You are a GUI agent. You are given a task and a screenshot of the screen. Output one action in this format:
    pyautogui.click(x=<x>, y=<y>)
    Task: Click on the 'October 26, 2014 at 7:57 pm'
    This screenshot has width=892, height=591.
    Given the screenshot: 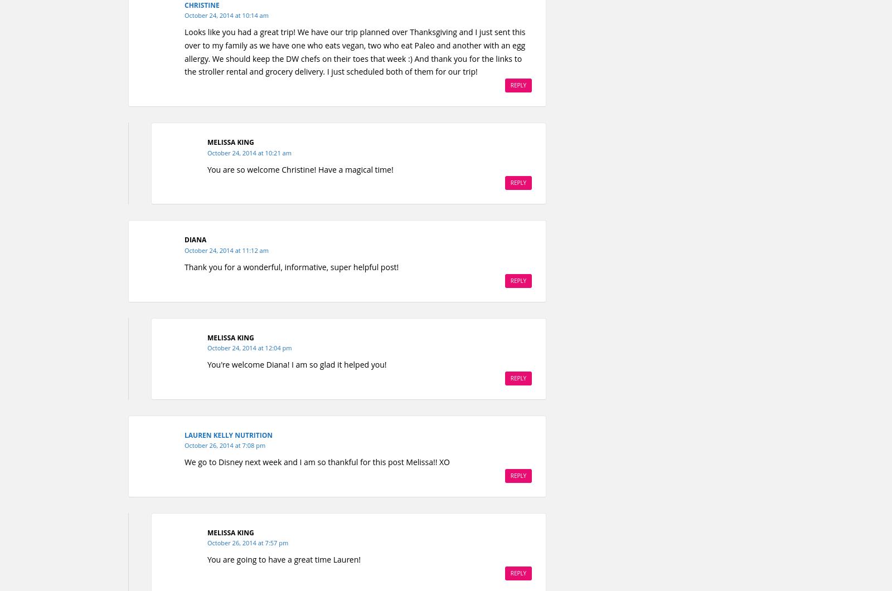 What is the action you would take?
    pyautogui.click(x=247, y=542)
    